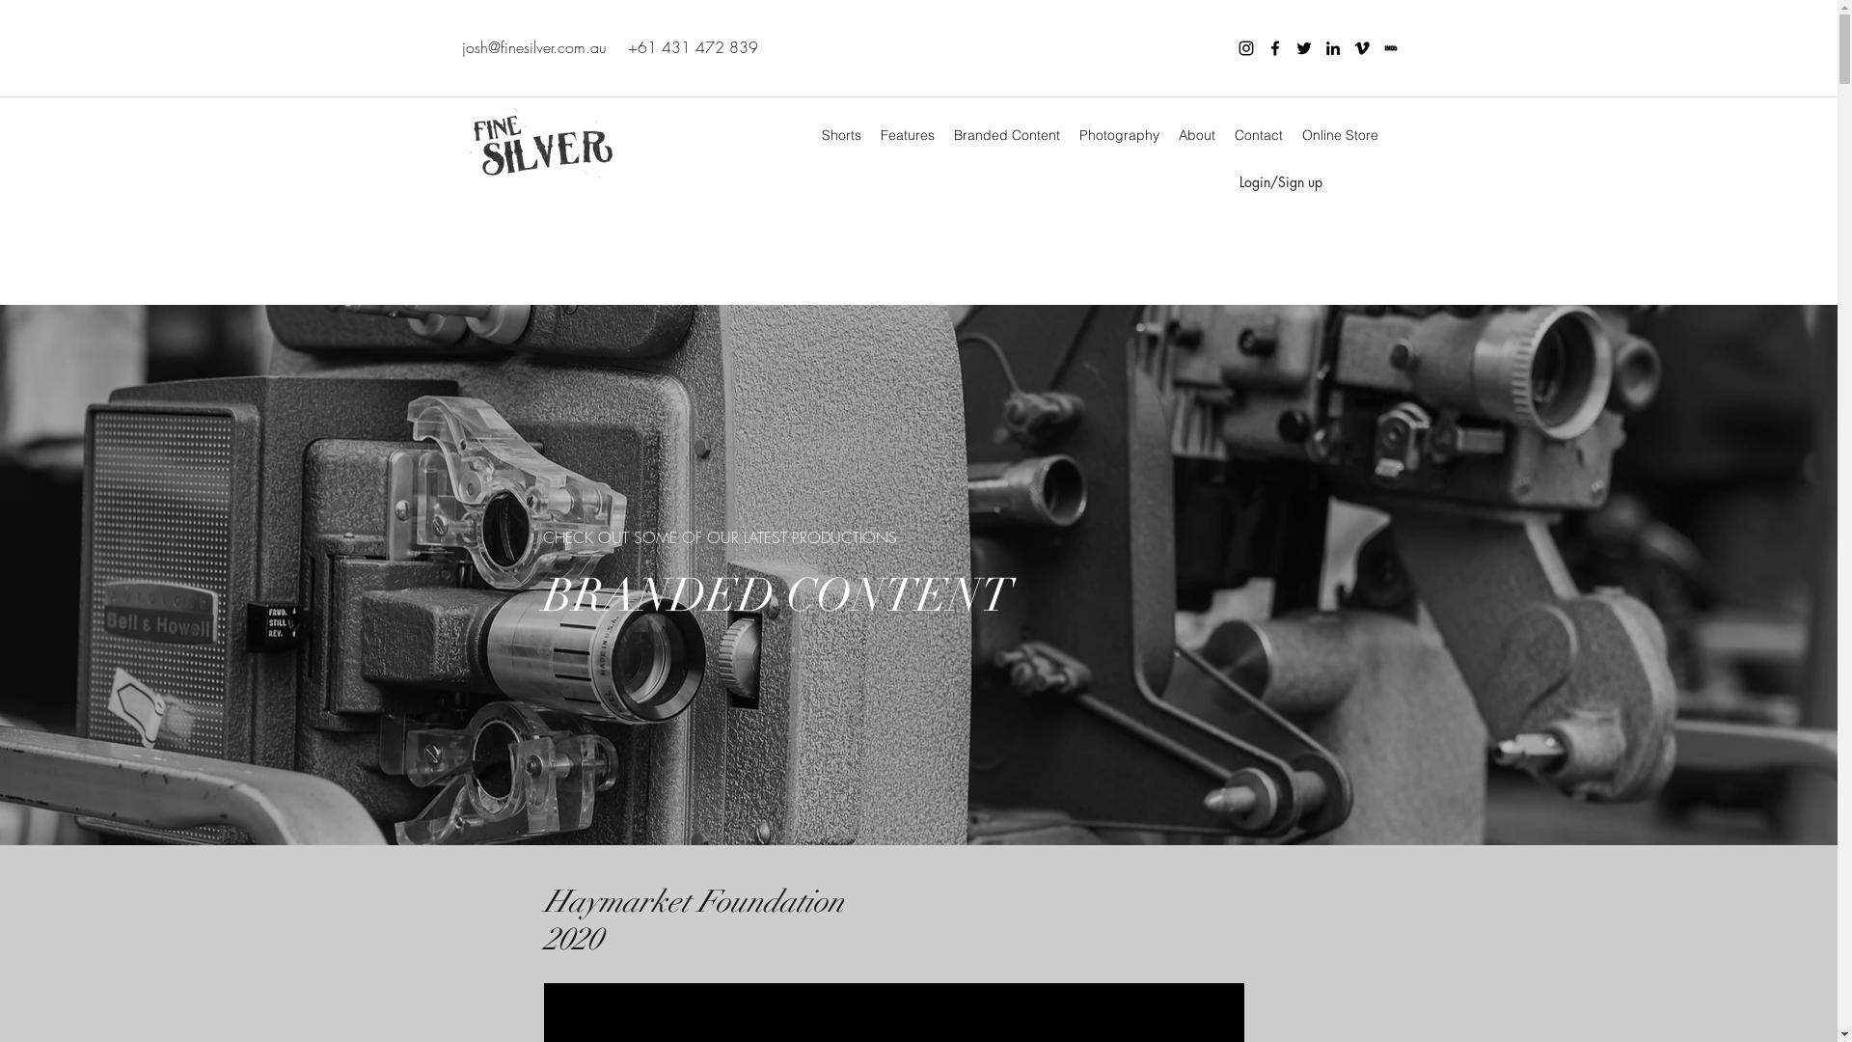 This screenshot has width=1852, height=1042. Describe the element at coordinates (841, 133) in the screenshot. I see `'Shorts'` at that location.